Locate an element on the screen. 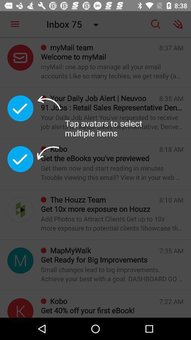  the email icon is located at coordinates (20, 57).